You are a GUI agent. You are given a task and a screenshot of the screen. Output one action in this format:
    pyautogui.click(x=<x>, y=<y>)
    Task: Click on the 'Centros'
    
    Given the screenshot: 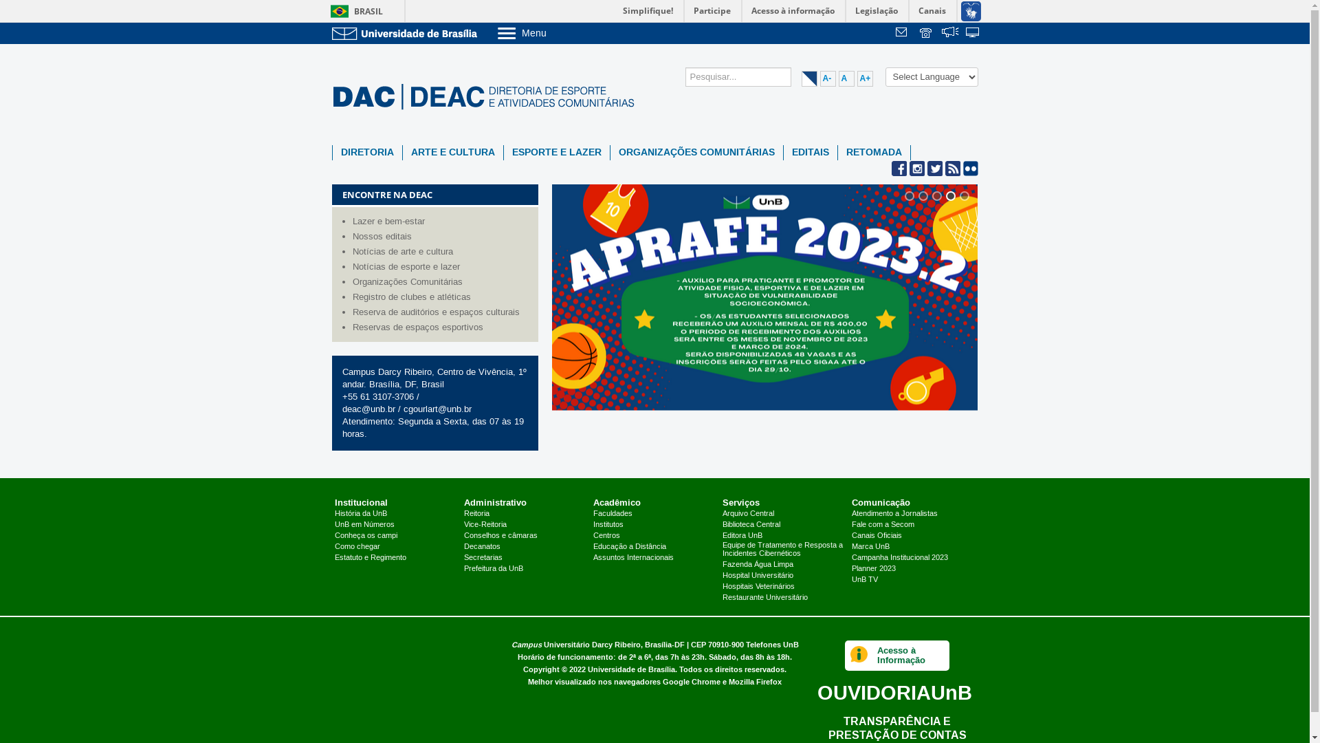 What is the action you would take?
    pyautogui.click(x=606, y=535)
    